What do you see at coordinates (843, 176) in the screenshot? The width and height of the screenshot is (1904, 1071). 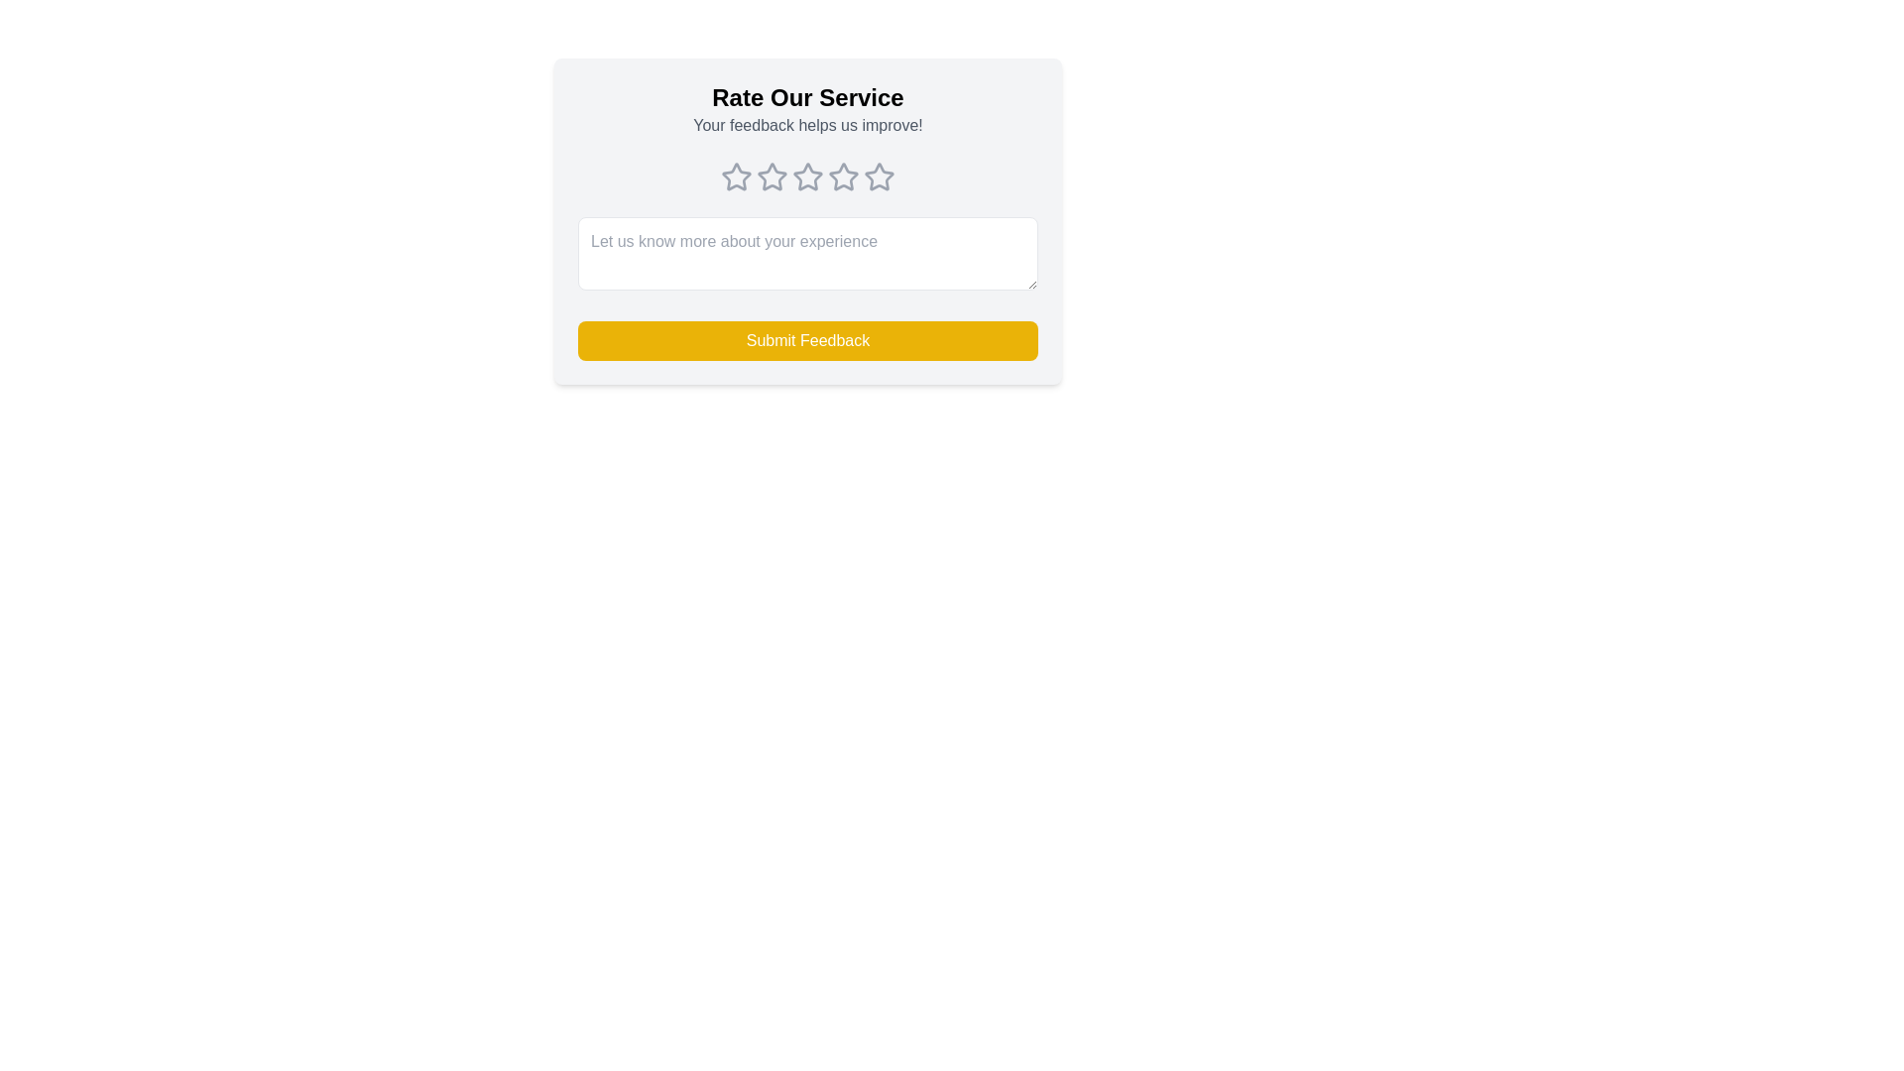 I see `the second rating star icon` at bounding box center [843, 176].